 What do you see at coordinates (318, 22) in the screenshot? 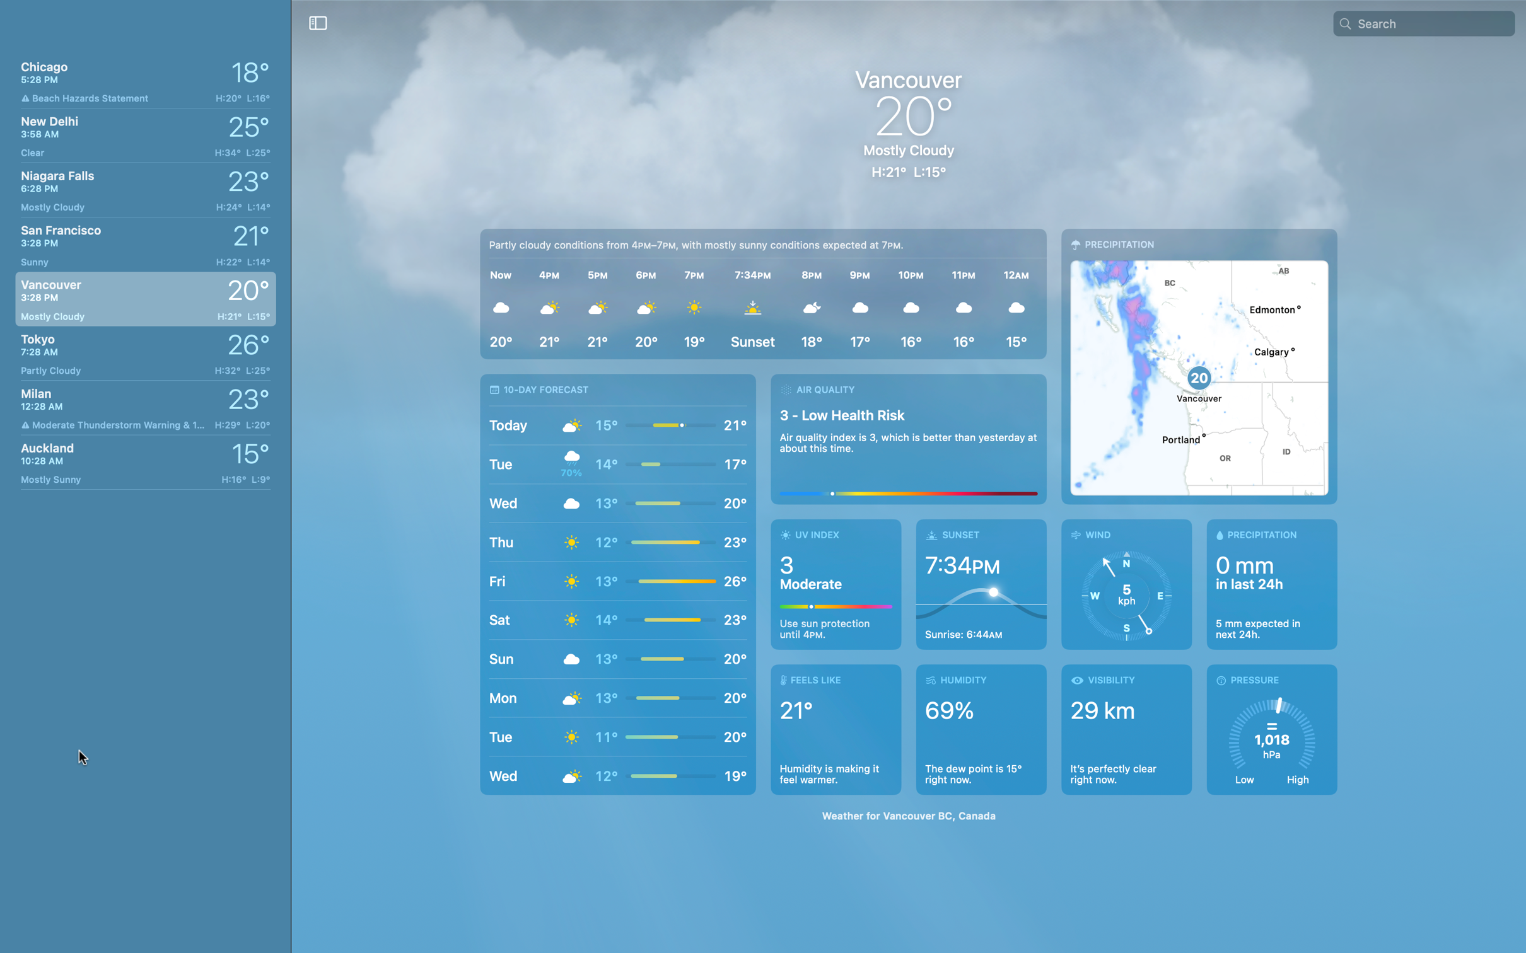
I see `Enable the "hide list" function to hide the list of cities from the left pane` at bounding box center [318, 22].